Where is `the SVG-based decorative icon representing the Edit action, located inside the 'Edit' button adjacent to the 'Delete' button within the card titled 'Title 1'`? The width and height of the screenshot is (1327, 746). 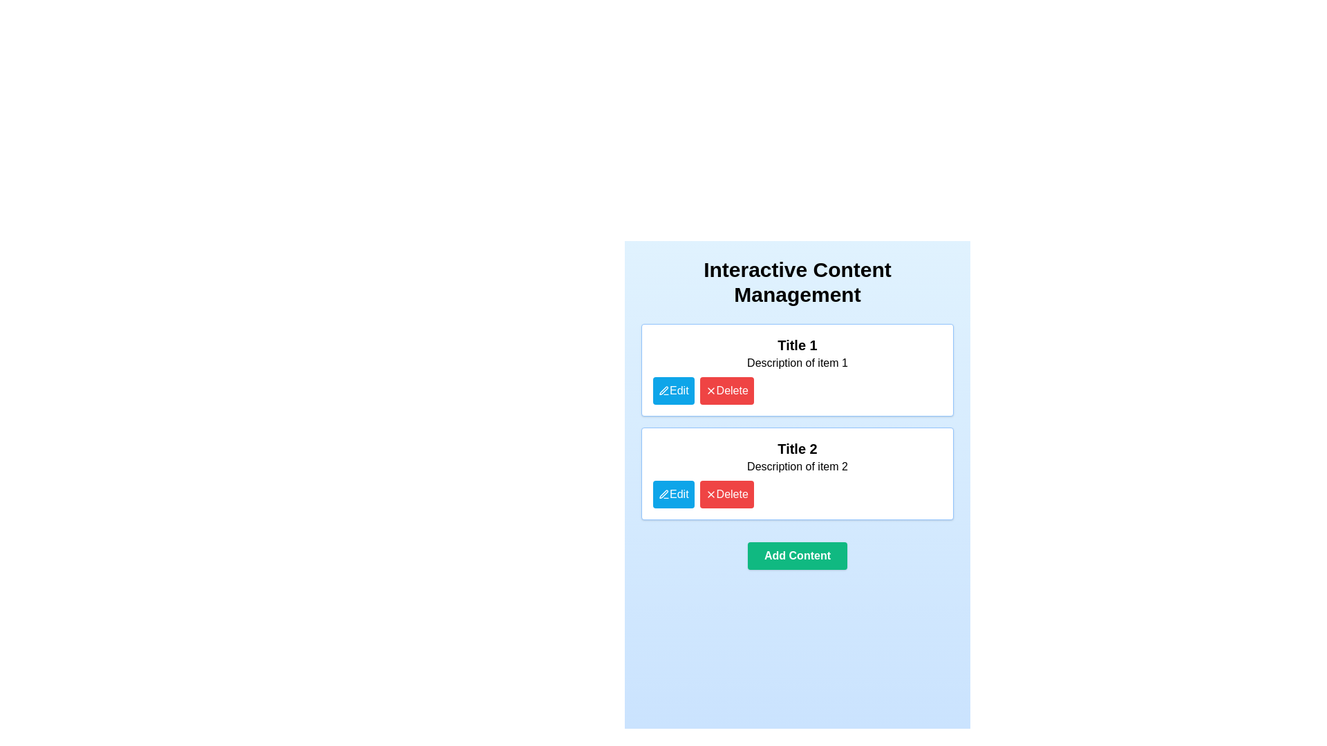
the SVG-based decorative icon representing the Edit action, located inside the 'Edit' button adjacent to the 'Delete' button within the card titled 'Title 1' is located at coordinates (663, 390).